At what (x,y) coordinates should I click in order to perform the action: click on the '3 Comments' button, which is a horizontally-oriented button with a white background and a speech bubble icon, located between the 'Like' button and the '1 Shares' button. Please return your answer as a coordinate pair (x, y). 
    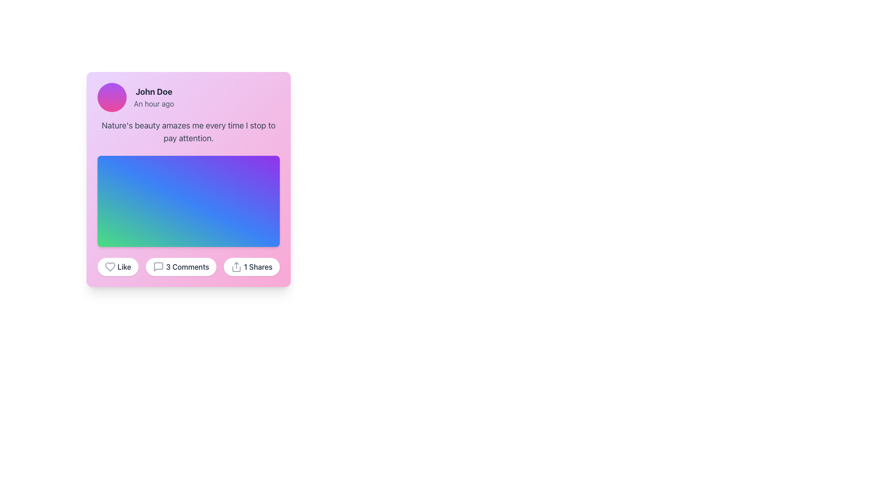
    Looking at the image, I should click on (181, 266).